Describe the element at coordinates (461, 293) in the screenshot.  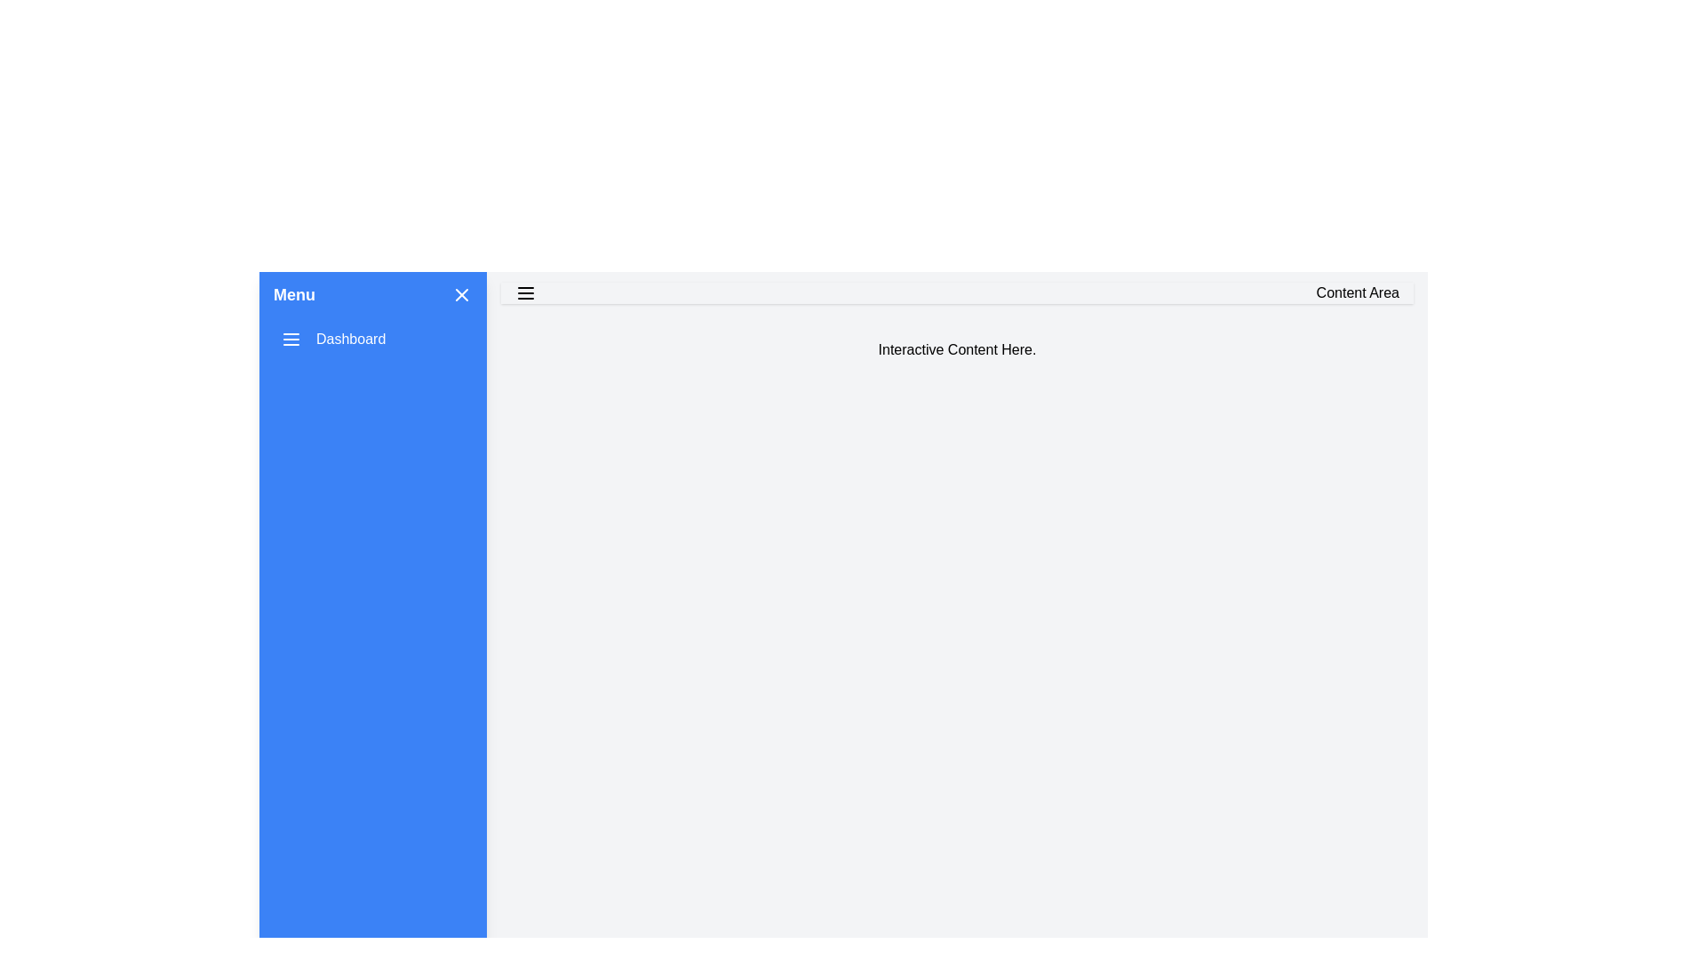
I see `the close button (X) to toggle the sidebar visibility` at that location.